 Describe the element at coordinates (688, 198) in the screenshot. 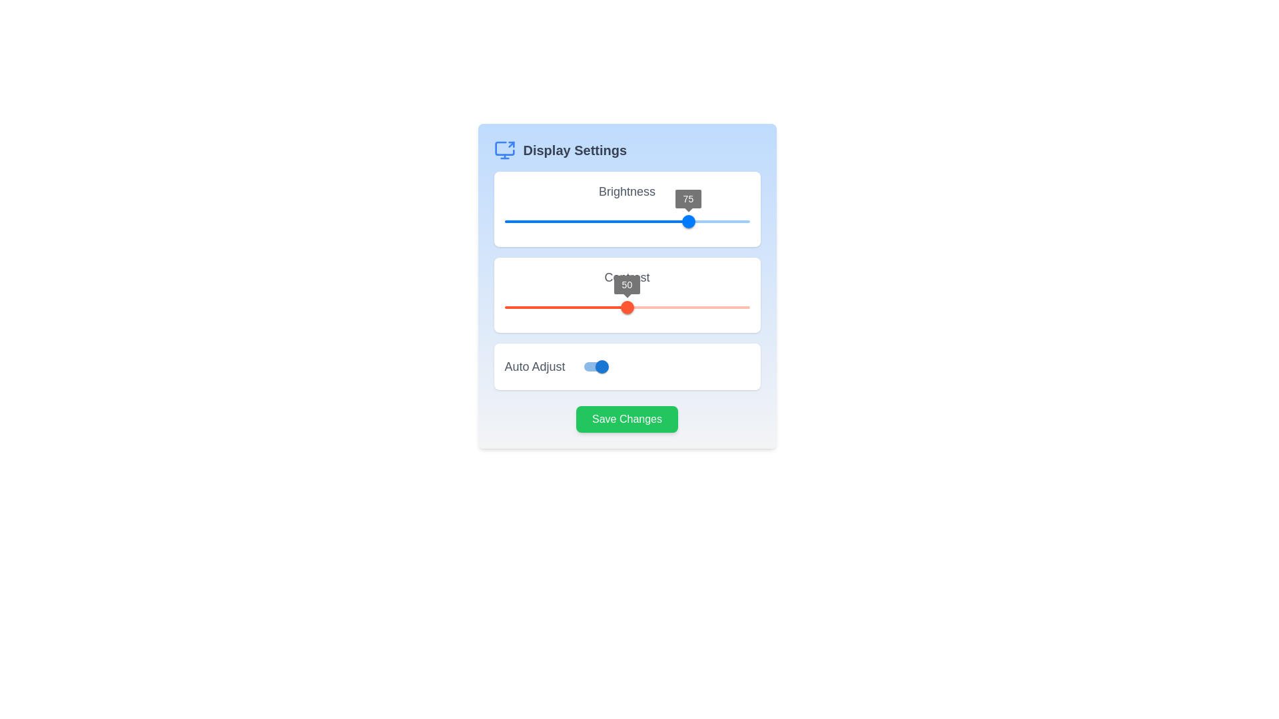

I see `the Value display label that shows the current brightness value (75), positioned centrally above the blue knob of the 'Brightness' slider` at that location.